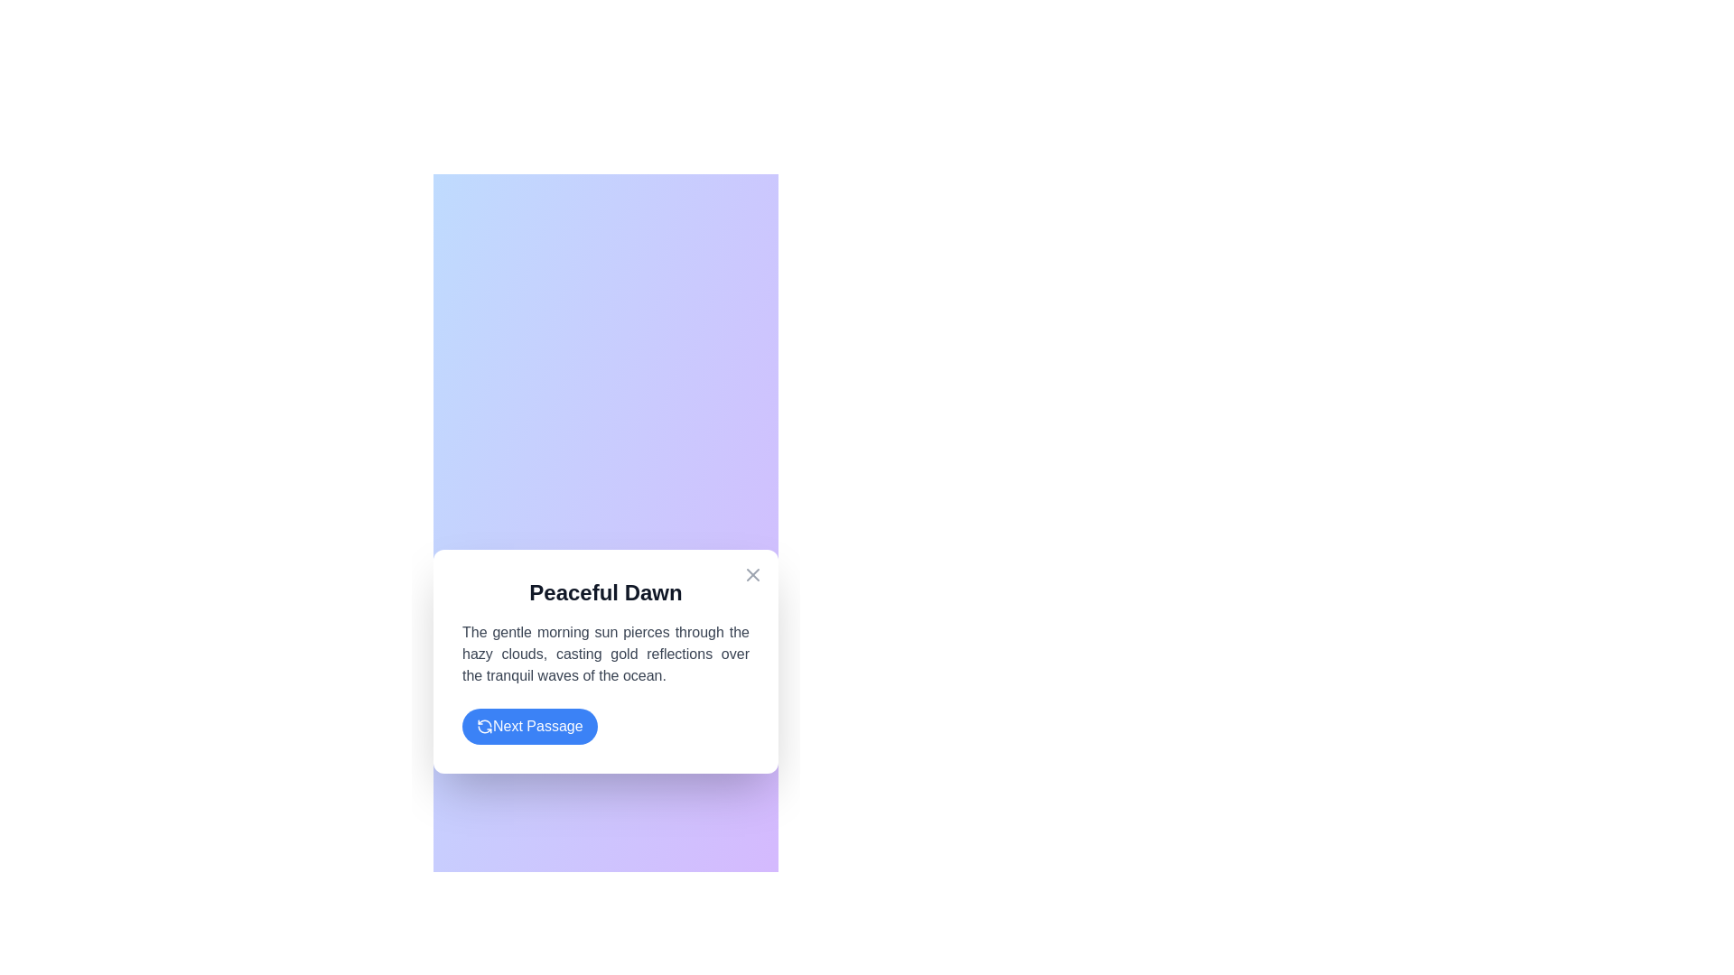  What do you see at coordinates (527, 726) in the screenshot?
I see `the 'Next Passage' button to navigate to the next passage` at bounding box center [527, 726].